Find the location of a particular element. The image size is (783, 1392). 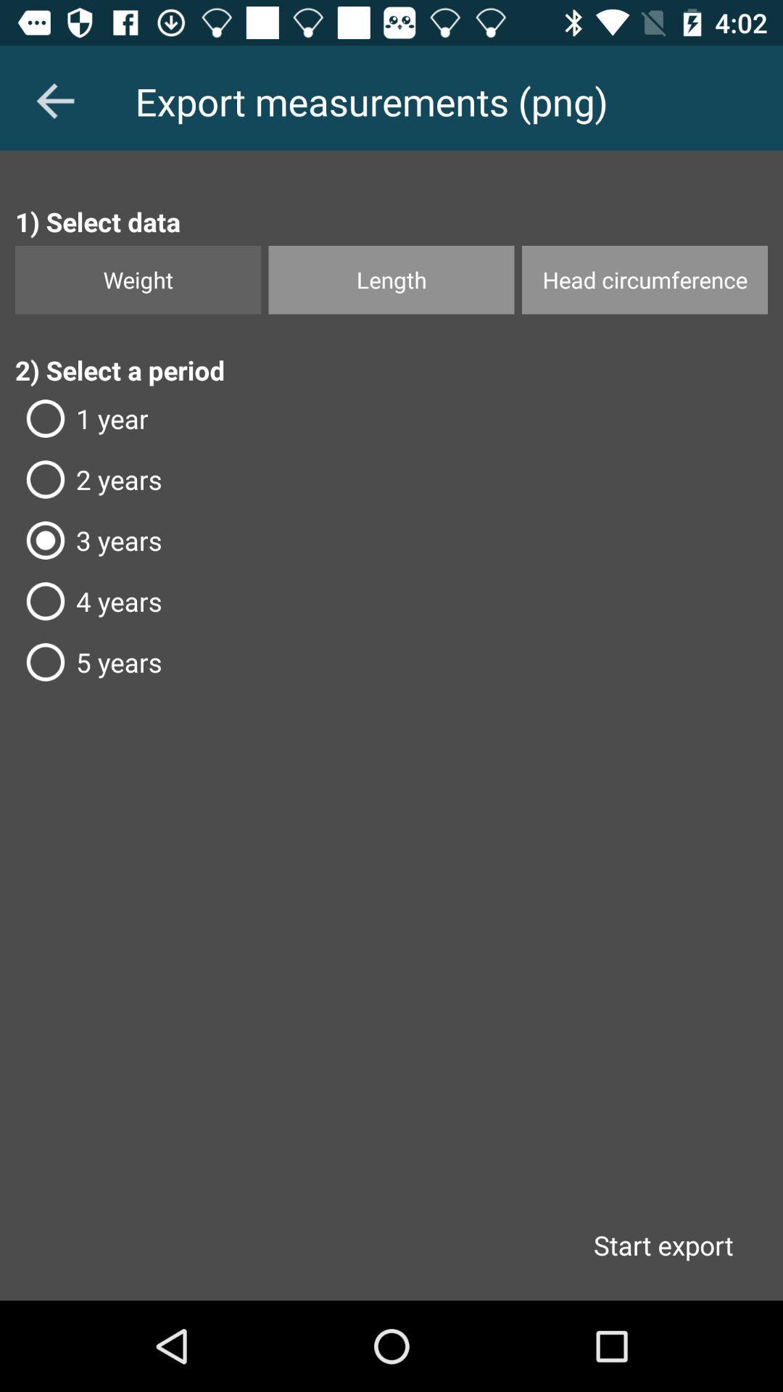

go back is located at coordinates (54, 100).